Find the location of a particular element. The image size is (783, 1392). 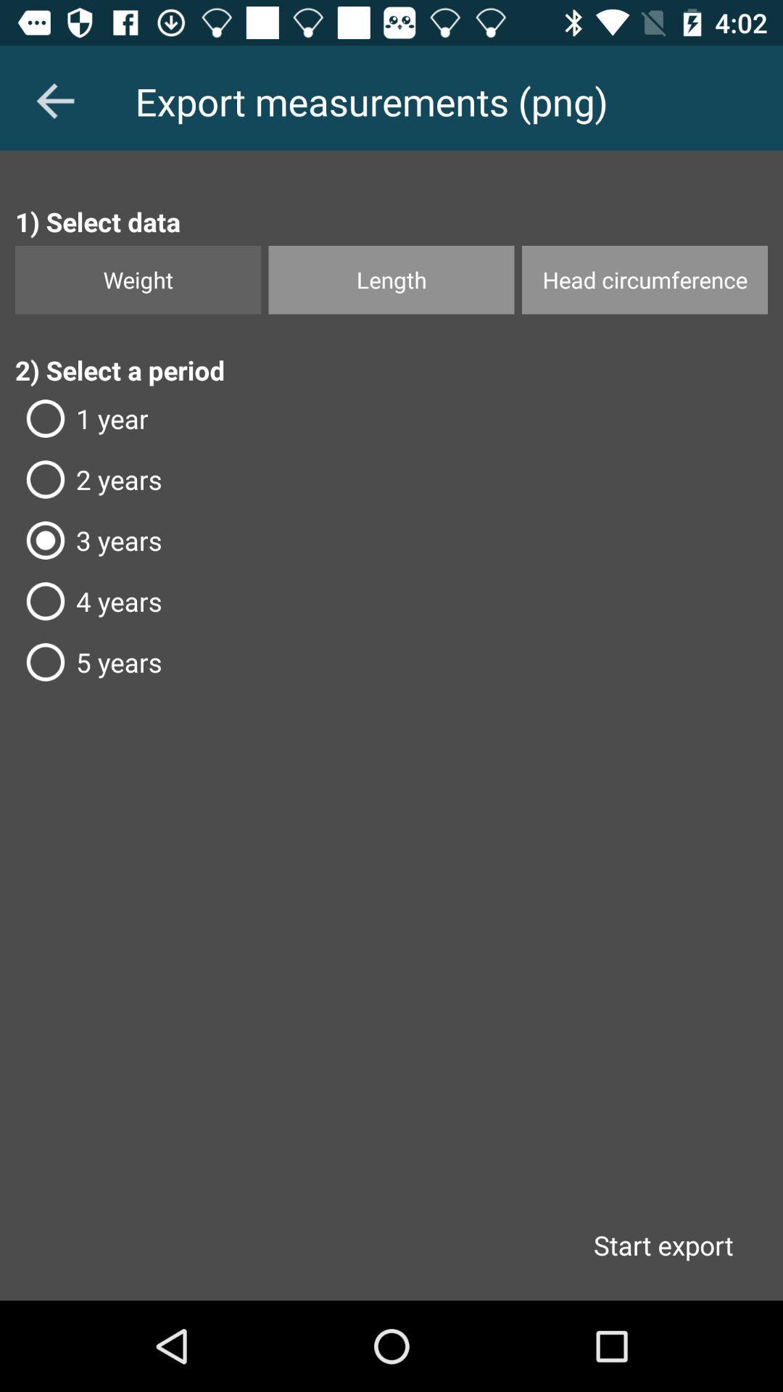

go back is located at coordinates (54, 100).